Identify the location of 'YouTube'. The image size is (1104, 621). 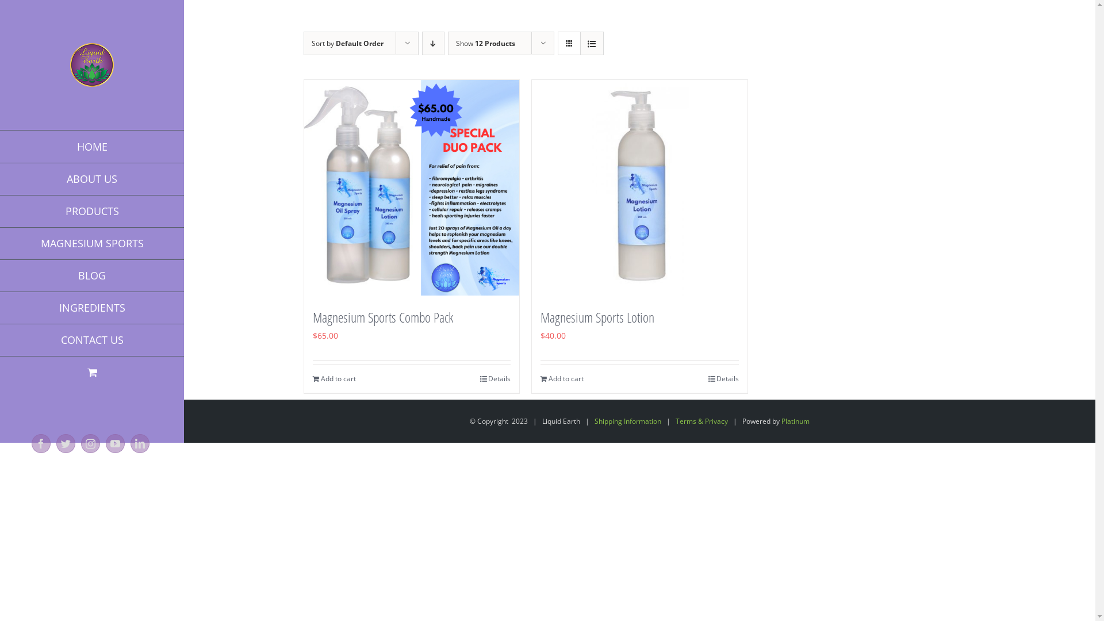
(115, 443).